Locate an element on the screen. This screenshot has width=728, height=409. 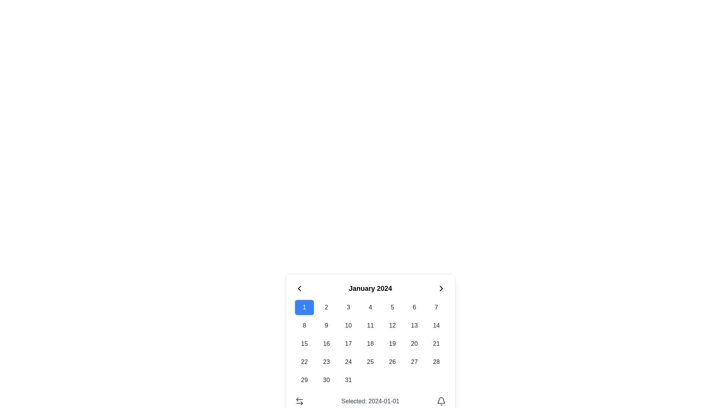
the date '2' button in the calendar interface is located at coordinates (326, 308).